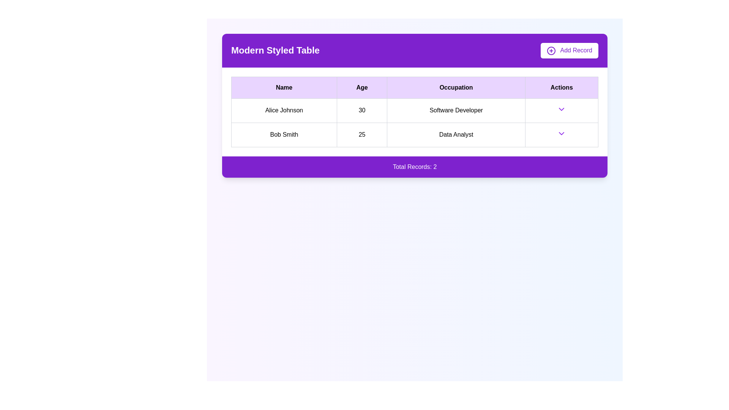 The height and width of the screenshot is (410, 729). I want to click on the text label located on the left side of the purple header bar, which serves as the title for the section and is positioned to the left of the 'Add Record' button, so click(275, 50).